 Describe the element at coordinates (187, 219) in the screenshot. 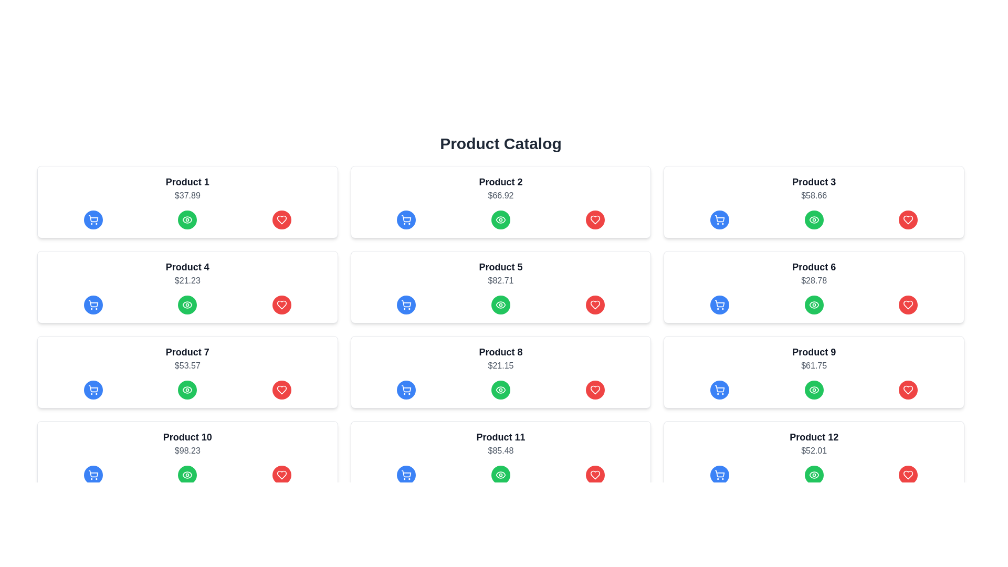

I see `the green circular glyph with an eye-like shape located in the middle of the interactive icons at the bottom of the fourth product card in the second row` at that location.